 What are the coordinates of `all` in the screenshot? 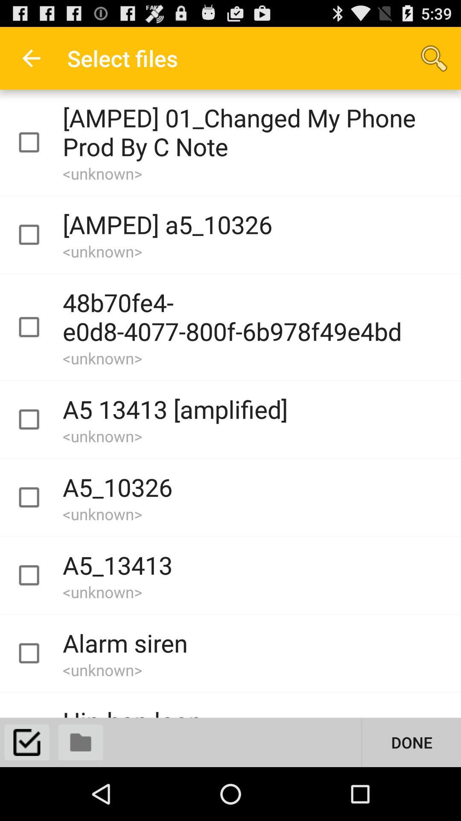 It's located at (26, 742).